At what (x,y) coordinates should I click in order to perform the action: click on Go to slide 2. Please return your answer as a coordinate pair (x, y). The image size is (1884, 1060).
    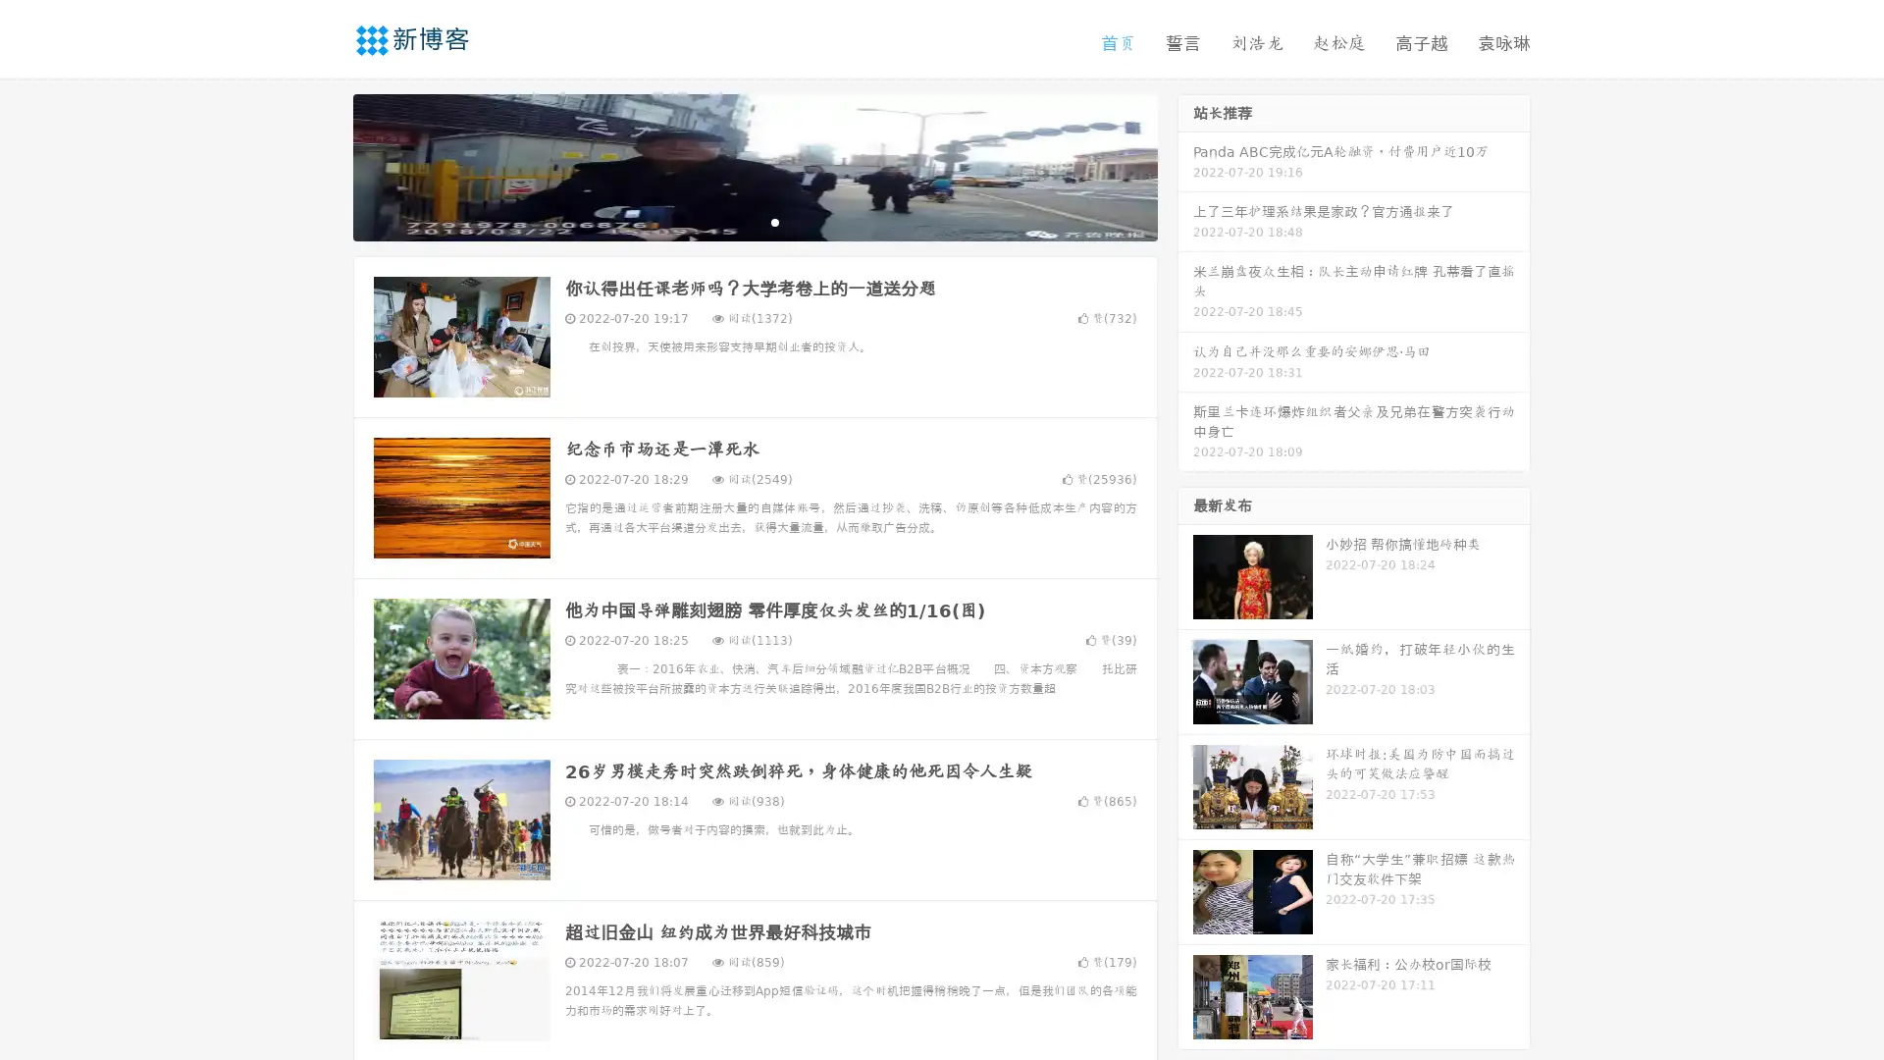
    Looking at the image, I should click on (754, 221).